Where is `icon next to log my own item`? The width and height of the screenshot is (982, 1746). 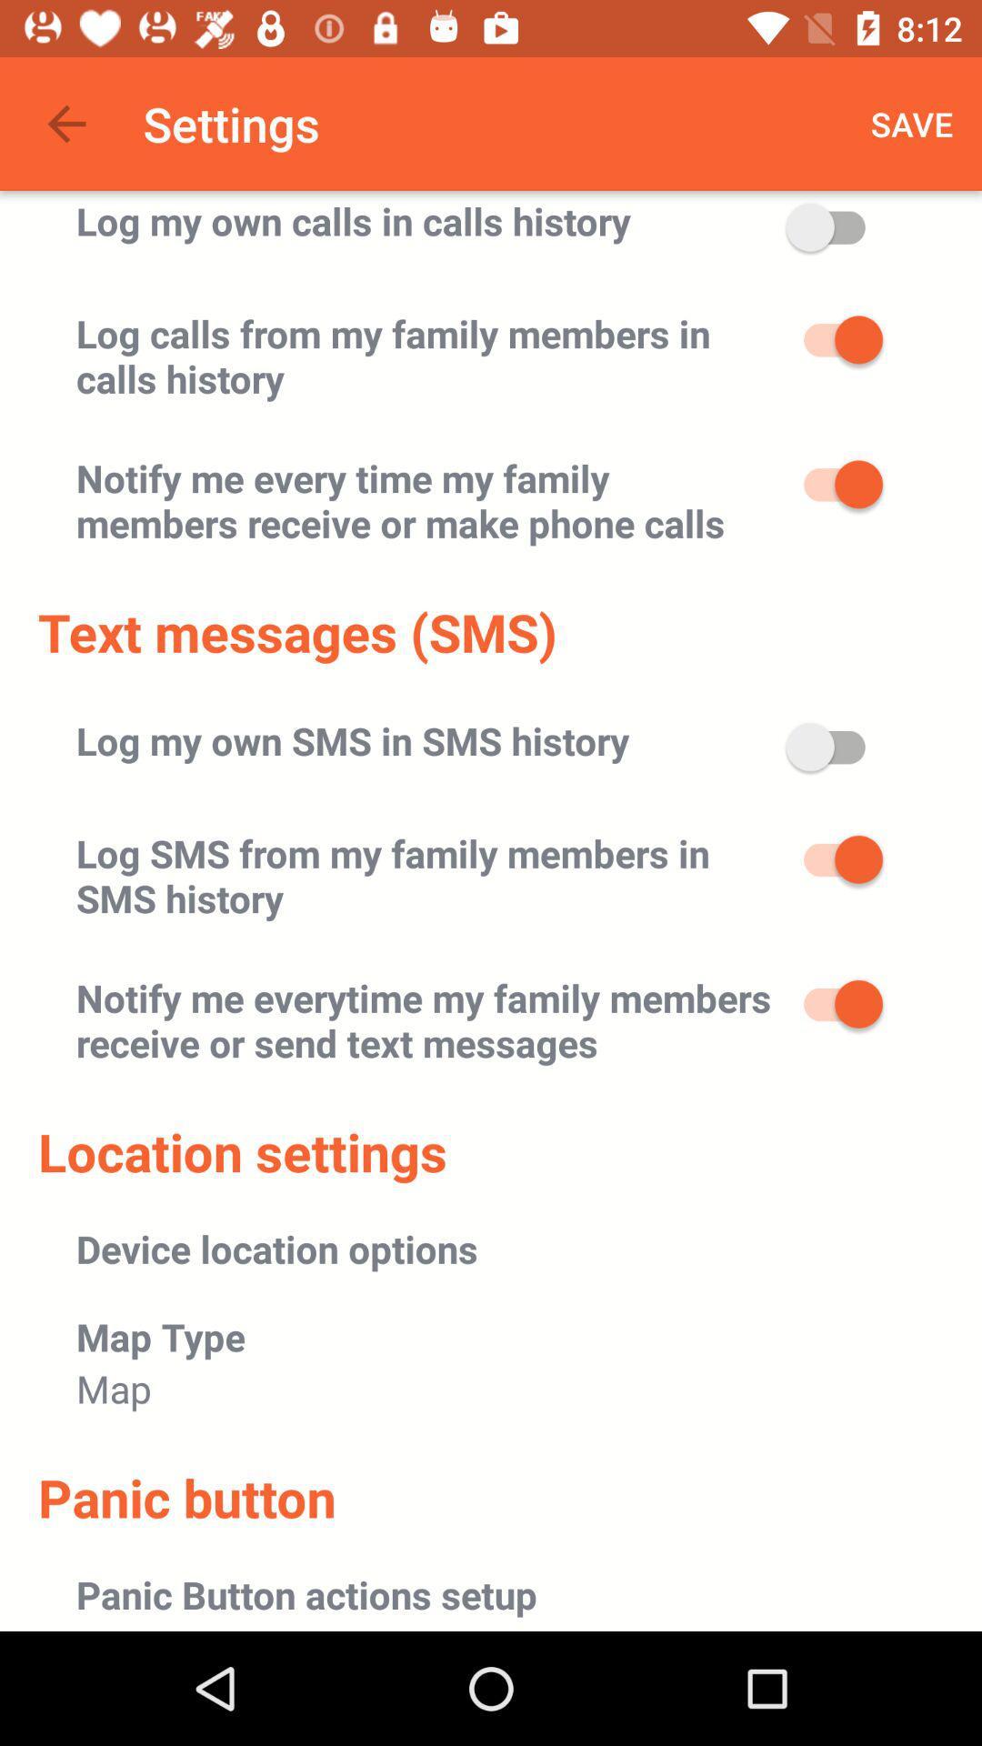 icon next to log my own item is located at coordinates (912, 123).